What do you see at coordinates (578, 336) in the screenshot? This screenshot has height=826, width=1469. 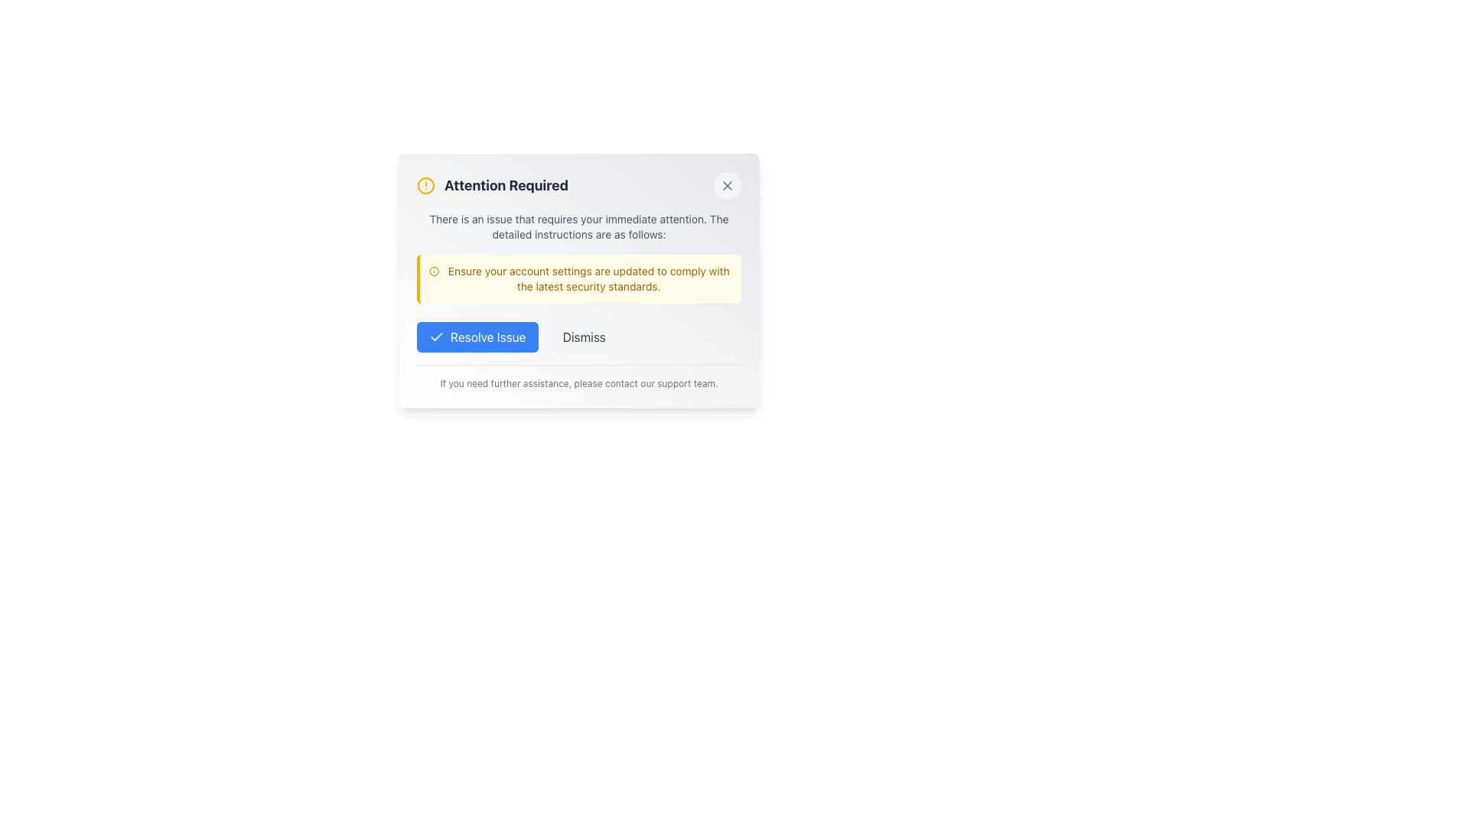 I see `the 'Dismiss' button, which is a secondary button with gray text on a light gray background, located to the right of the blue 'Resolve Issue' button at the bottom of the card interface` at bounding box center [578, 336].